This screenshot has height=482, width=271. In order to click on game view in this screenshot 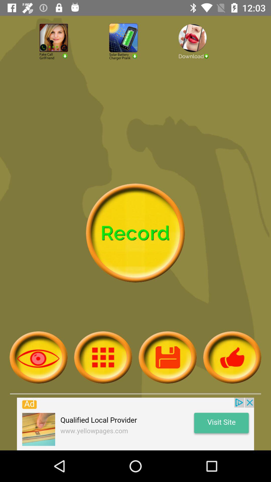, I will do `click(38, 357)`.